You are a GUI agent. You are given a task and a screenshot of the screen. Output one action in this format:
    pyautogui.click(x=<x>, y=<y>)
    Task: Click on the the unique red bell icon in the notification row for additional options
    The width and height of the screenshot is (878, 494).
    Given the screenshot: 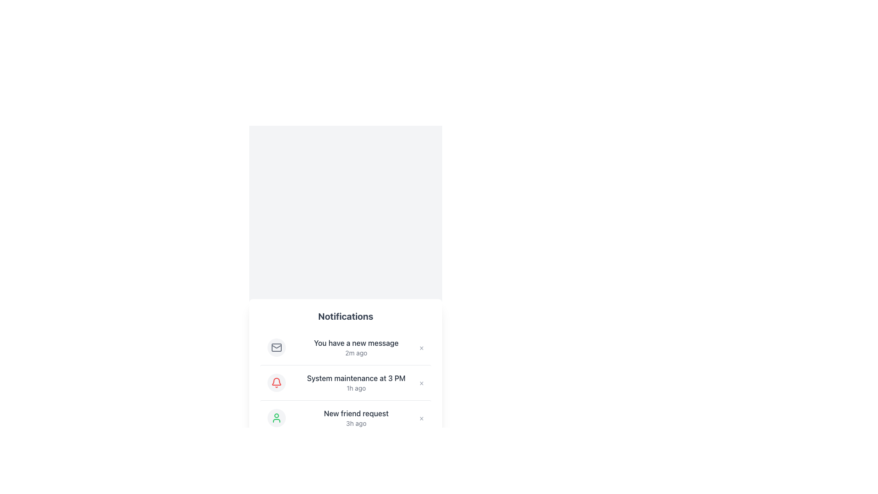 What is the action you would take?
    pyautogui.click(x=276, y=383)
    